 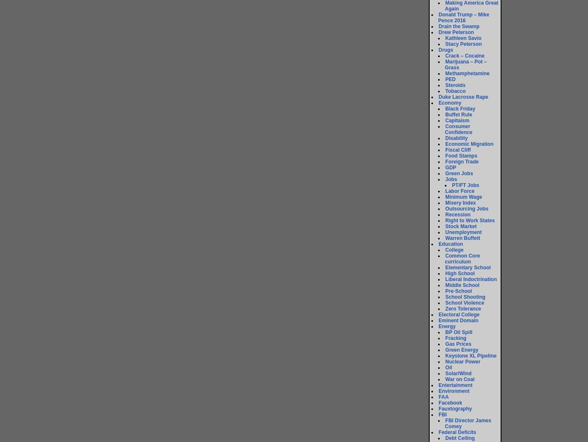 What do you see at coordinates (450, 103) in the screenshot?
I see `'Economy'` at bounding box center [450, 103].